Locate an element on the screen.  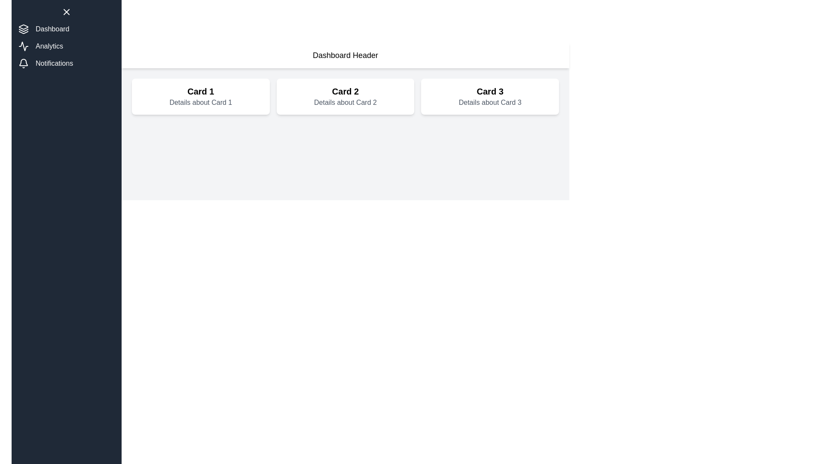
the second card in the grid layout, which is positioned between 'Card 1' and 'Card 3', located beneath the 'Dashboard Header' is located at coordinates (345, 96).